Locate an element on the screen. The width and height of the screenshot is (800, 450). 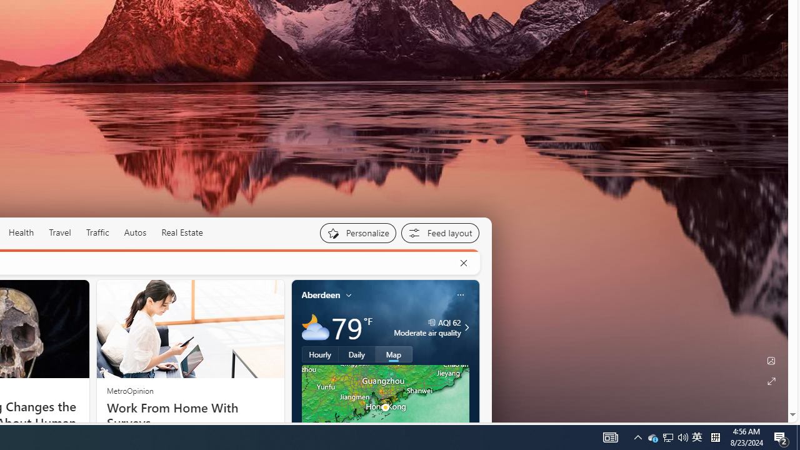
'aqi-icon' is located at coordinates (432, 321).